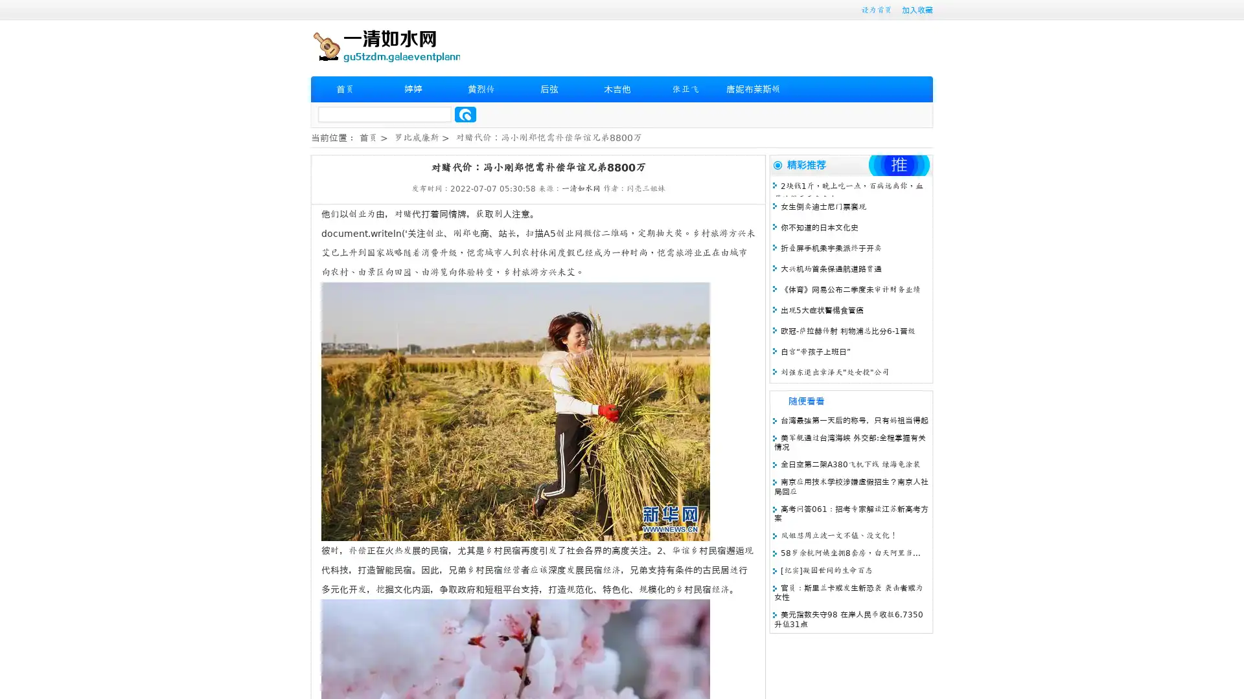  I want to click on Search, so click(465, 114).